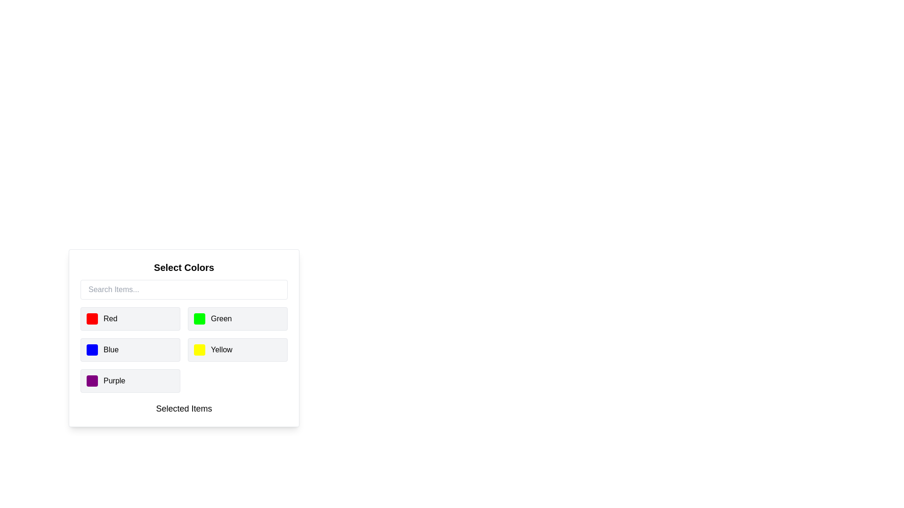  Describe the element at coordinates (184, 337) in the screenshot. I see `the 'Select Colors' component` at that location.